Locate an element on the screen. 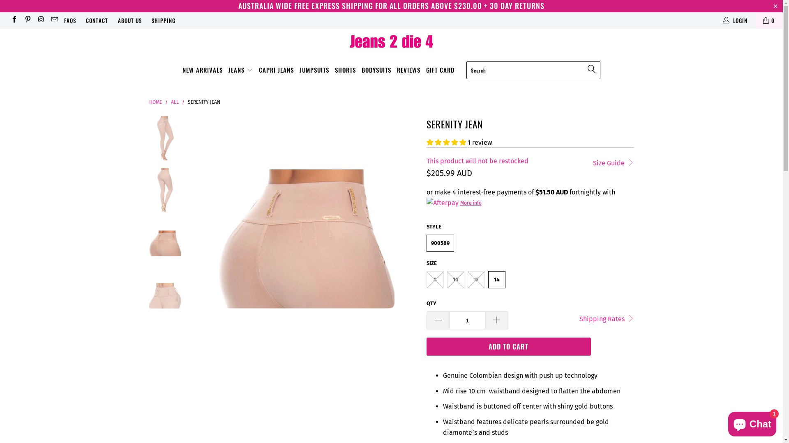  'JEANS' is located at coordinates (240, 69).